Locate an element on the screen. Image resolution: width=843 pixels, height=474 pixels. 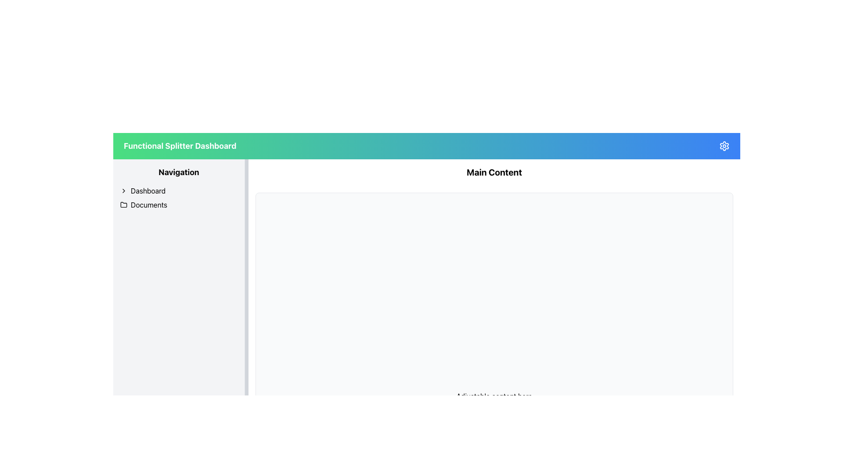
the folder icon located to the left of the 'Documents' label in the vertical navigation bar on the left side of the interface is located at coordinates (123, 205).